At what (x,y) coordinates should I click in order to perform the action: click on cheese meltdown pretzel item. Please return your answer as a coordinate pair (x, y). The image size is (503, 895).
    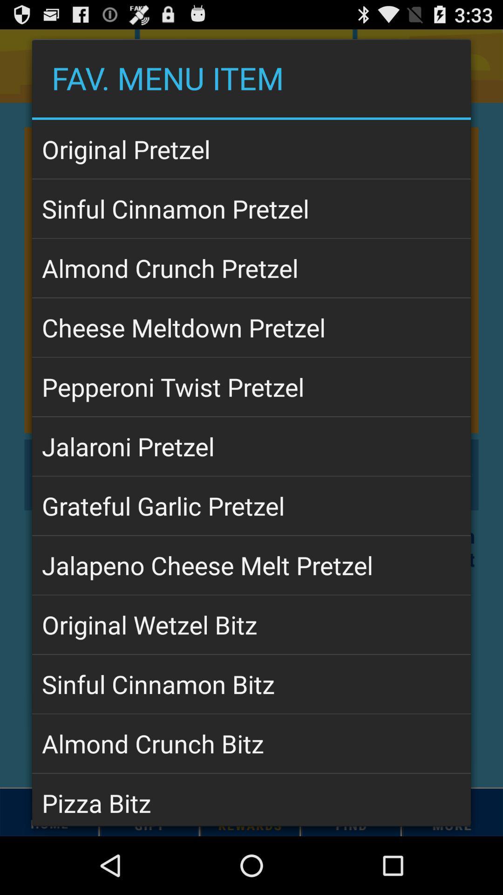
    Looking at the image, I should click on (251, 327).